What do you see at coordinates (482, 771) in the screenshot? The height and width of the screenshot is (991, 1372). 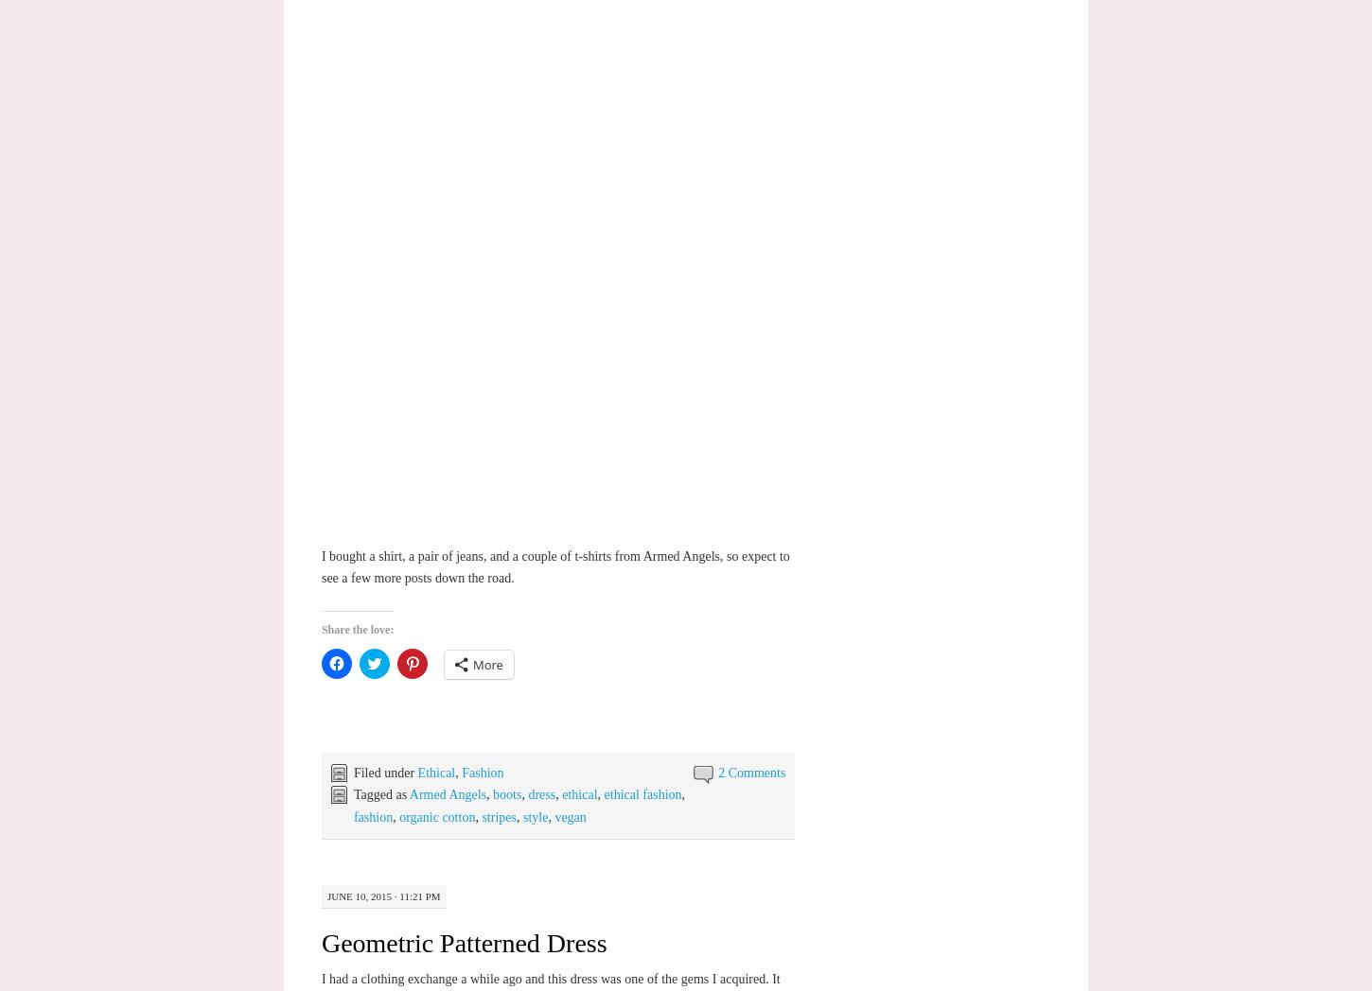 I see `'Fashion'` at bounding box center [482, 771].